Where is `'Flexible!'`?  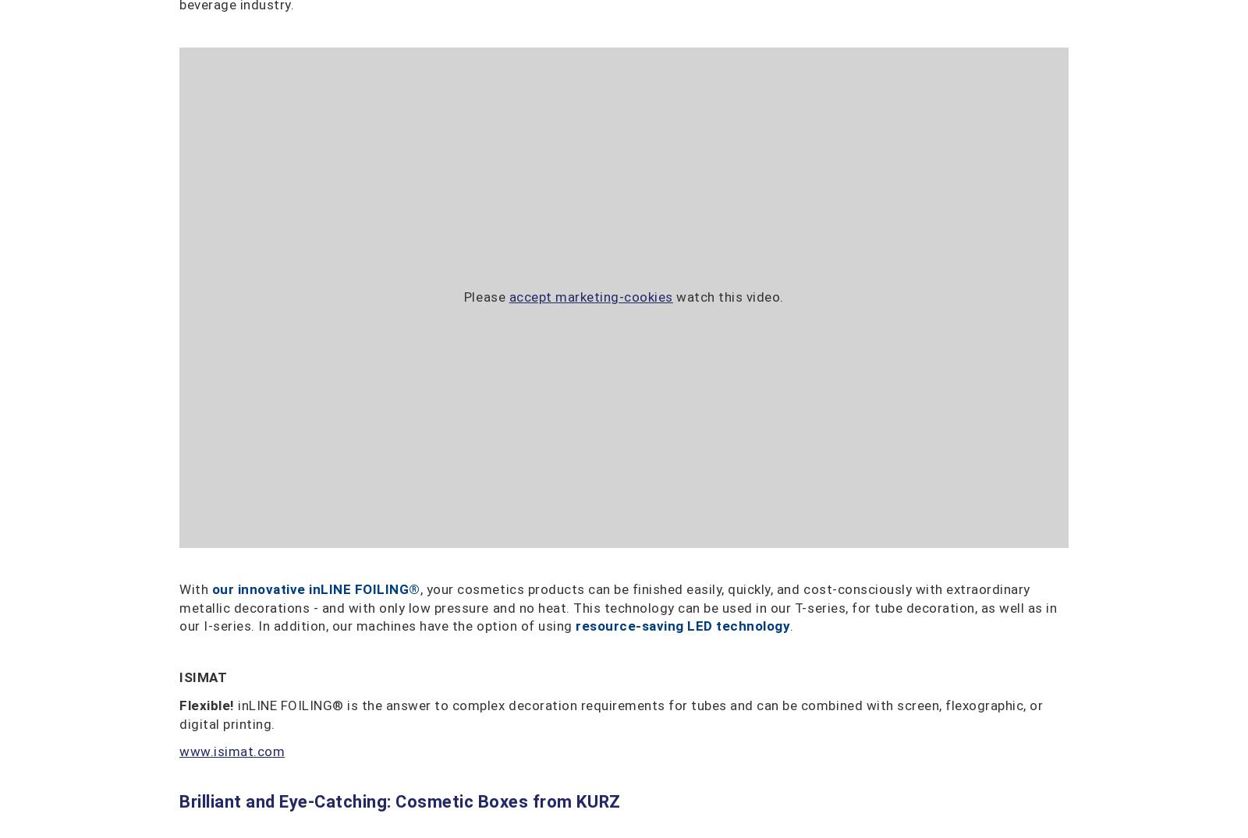
'Flexible!' is located at coordinates (206, 703).